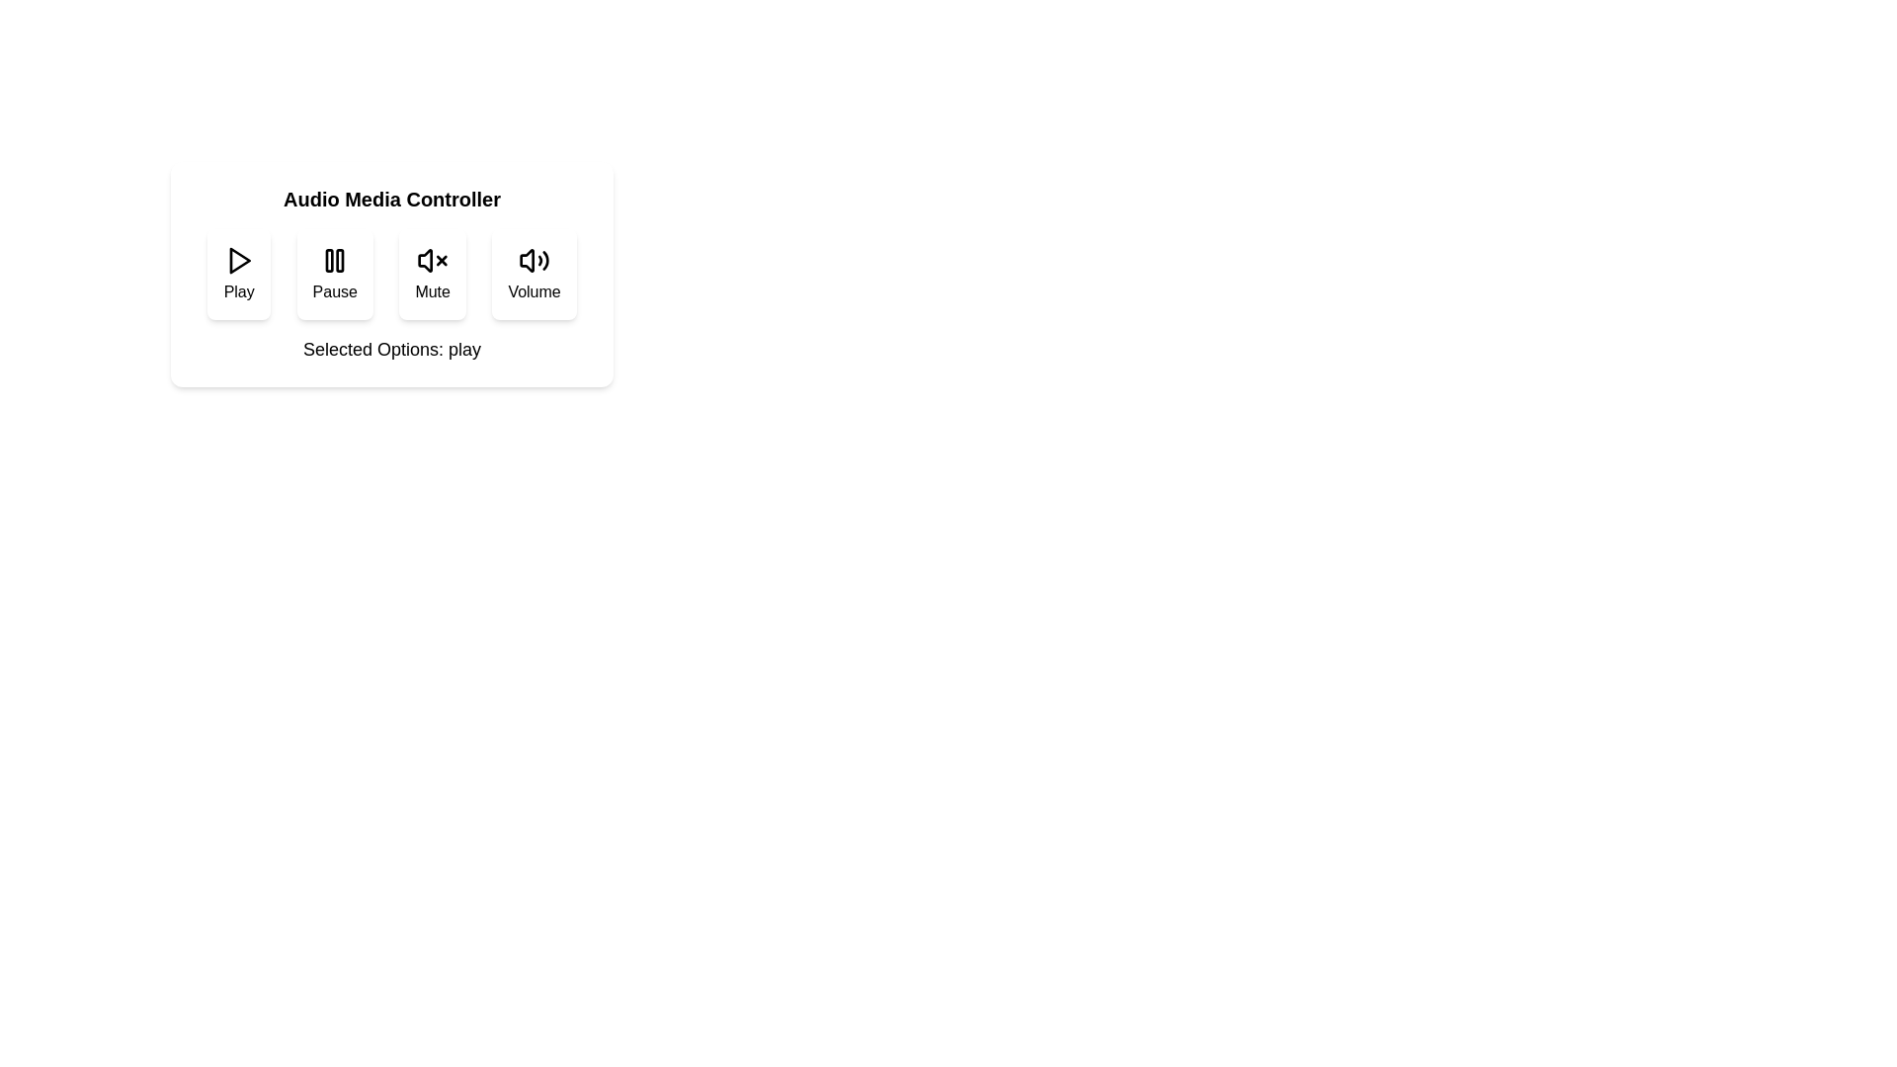 Image resolution: width=1897 pixels, height=1067 pixels. What do you see at coordinates (335, 274) in the screenshot?
I see `the Pause button to toggle its state` at bounding box center [335, 274].